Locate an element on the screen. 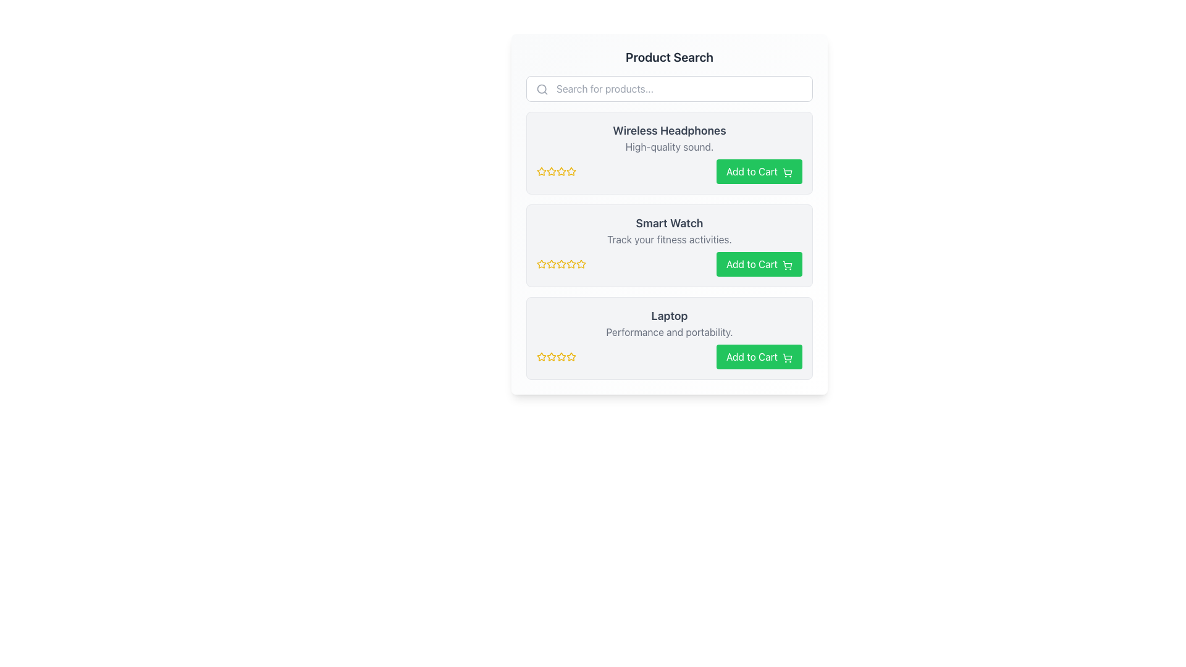 The width and height of the screenshot is (1186, 667). the fourth yellow star icon in the rating component located under the 'Smart Watch' product description is located at coordinates (560, 264).